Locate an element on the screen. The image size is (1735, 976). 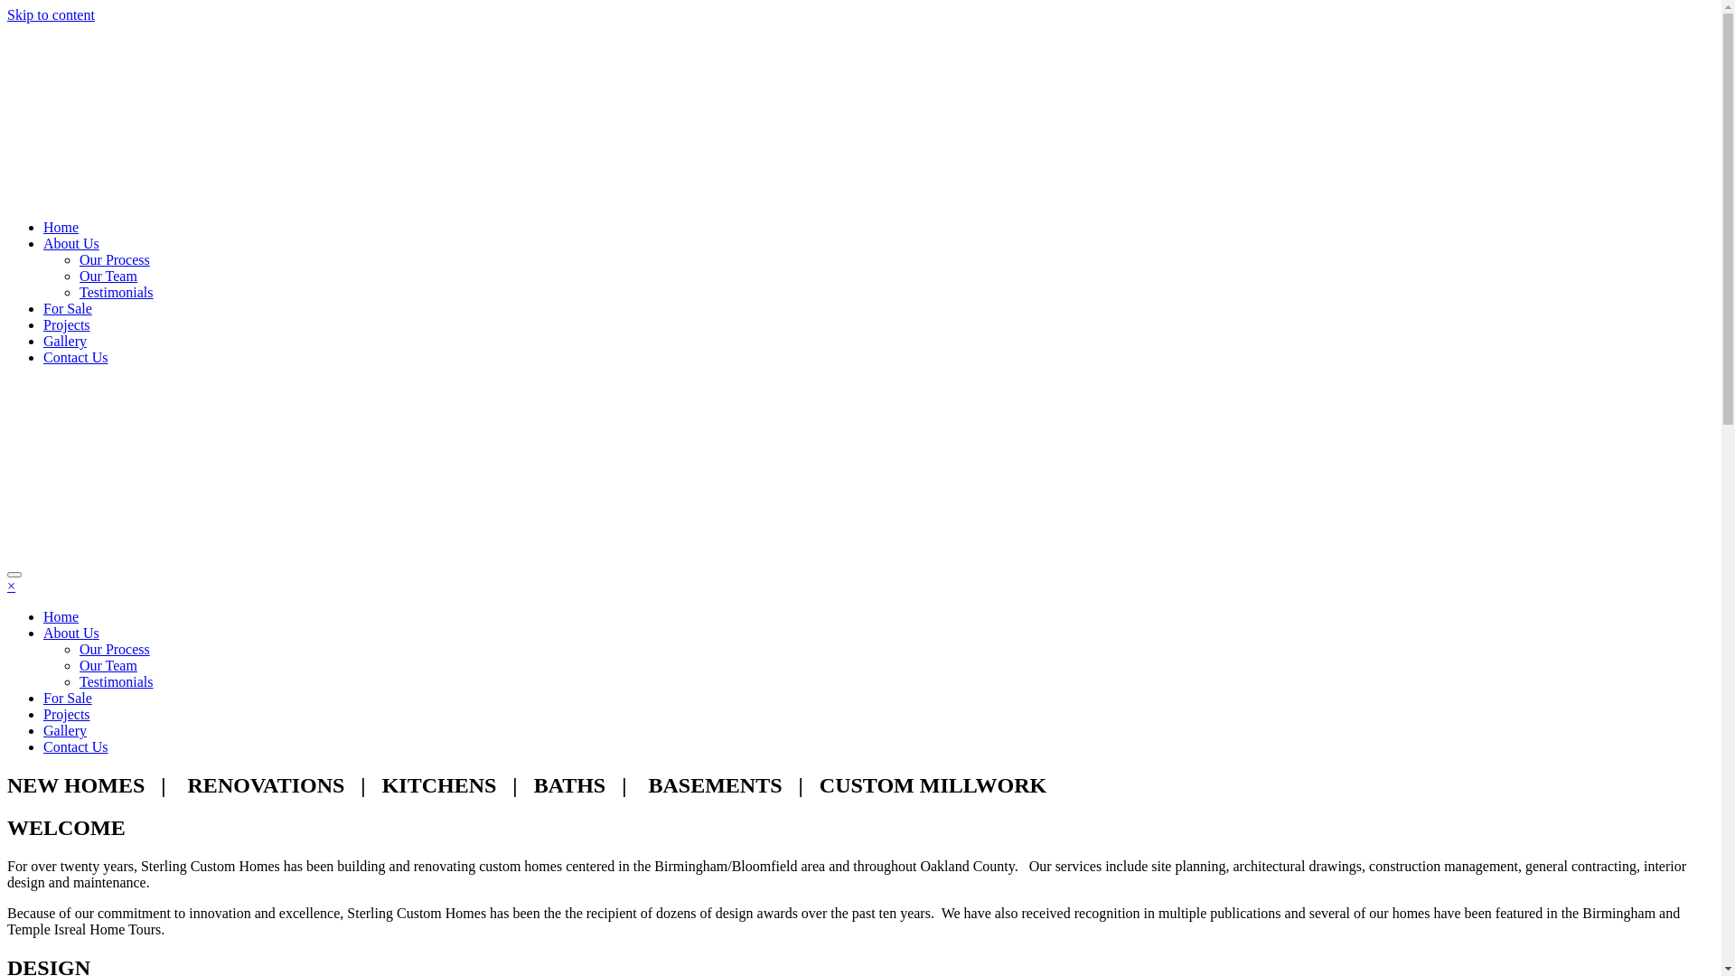
'Our Process' is located at coordinates (113, 259).